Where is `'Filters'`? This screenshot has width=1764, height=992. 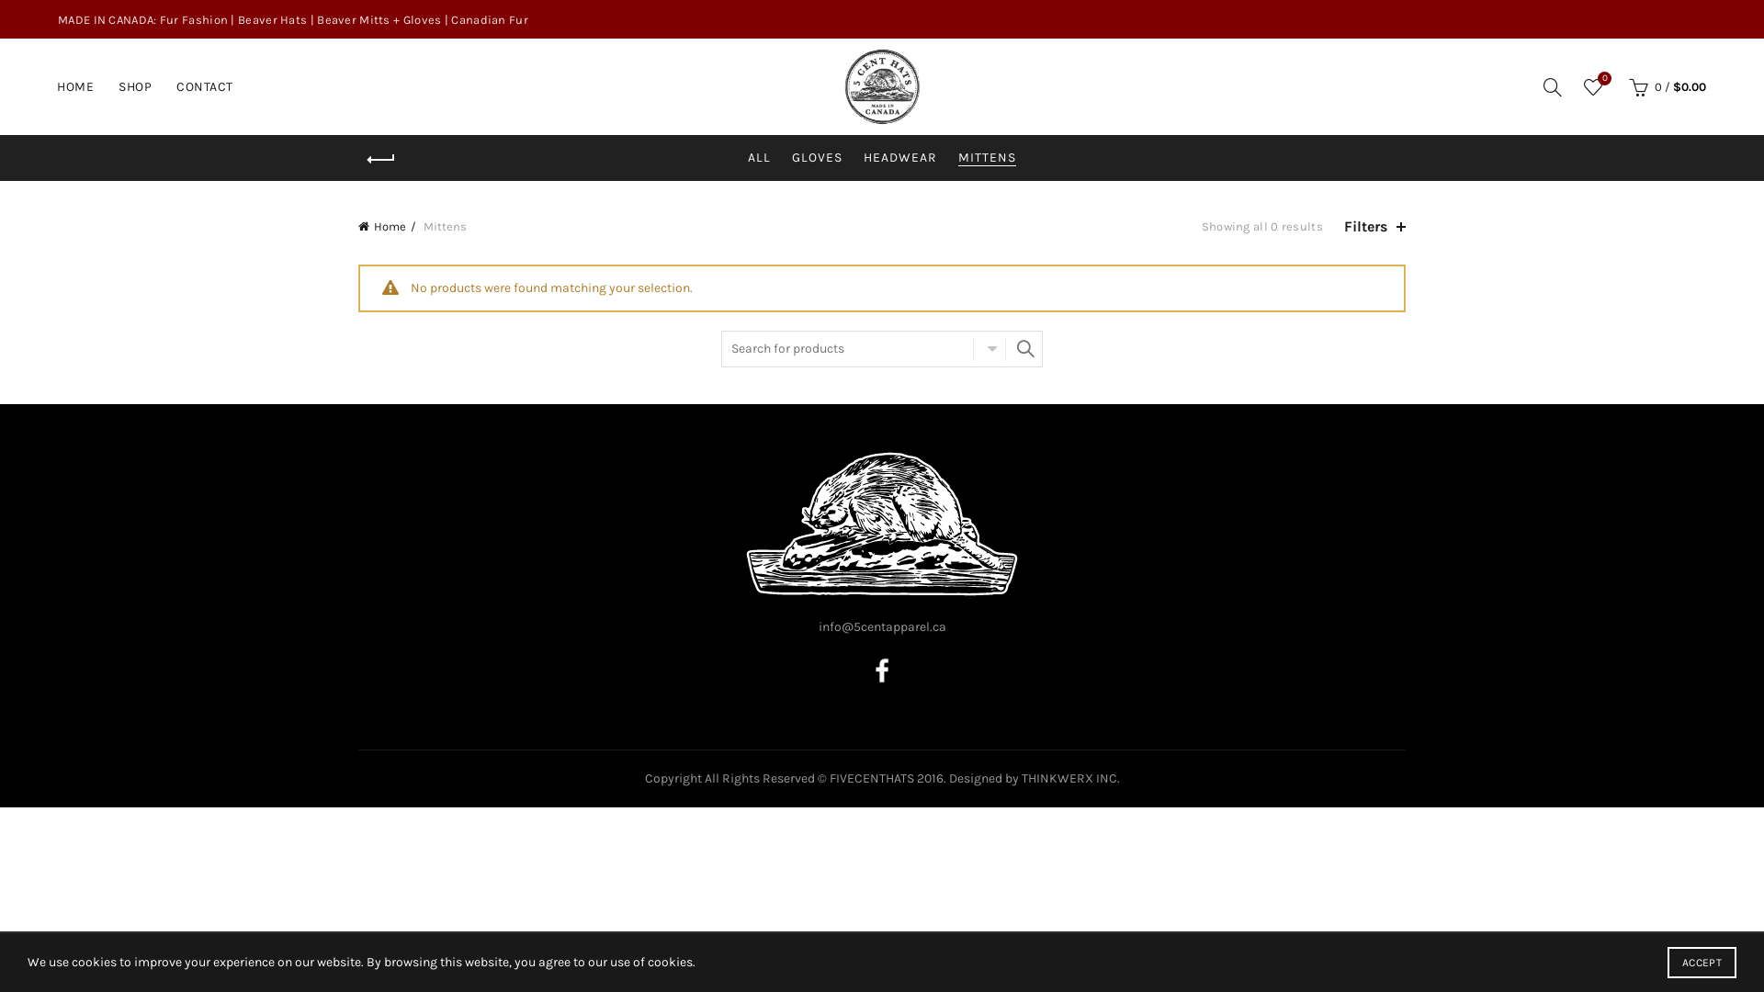
'Filters' is located at coordinates (1374, 225).